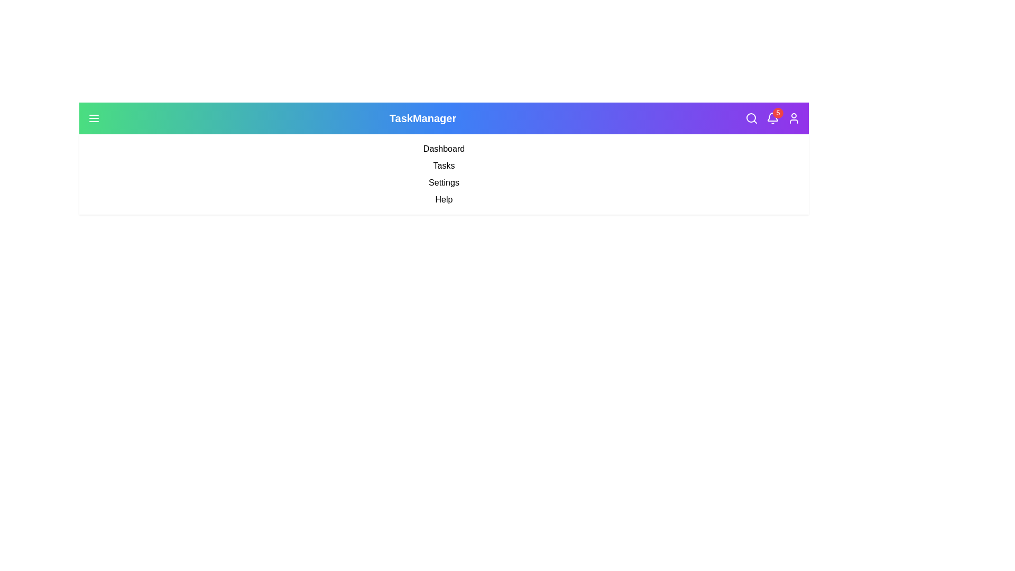 Image resolution: width=1015 pixels, height=571 pixels. I want to click on the Notification Badge indicating 5 new notifications, which is positioned over the top-right corner of the bell icon in the navigation bar, so click(778, 113).